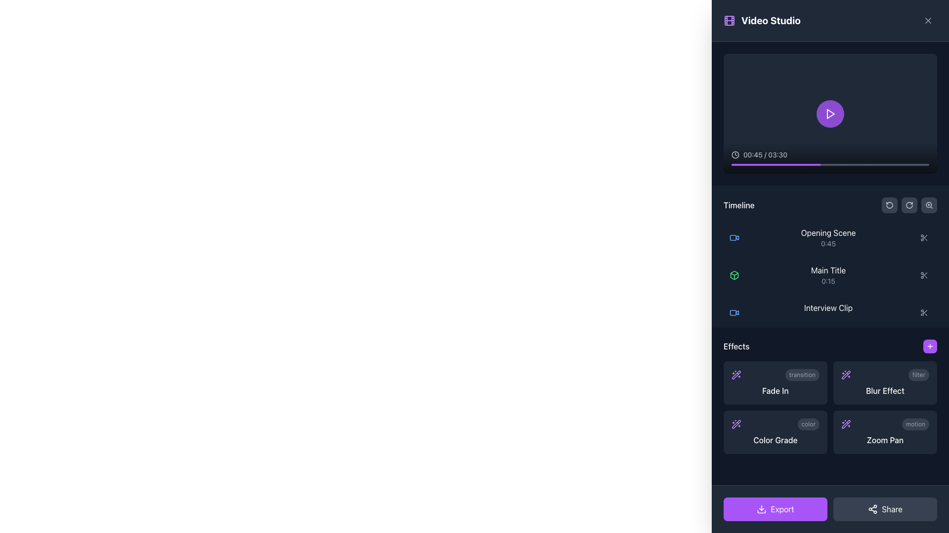 This screenshot has width=949, height=533. What do you see at coordinates (927, 21) in the screenshot?
I see `the close button located in the top-right corner of the 'Video Studio' header to observe the hover style change` at bounding box center [927, 21].